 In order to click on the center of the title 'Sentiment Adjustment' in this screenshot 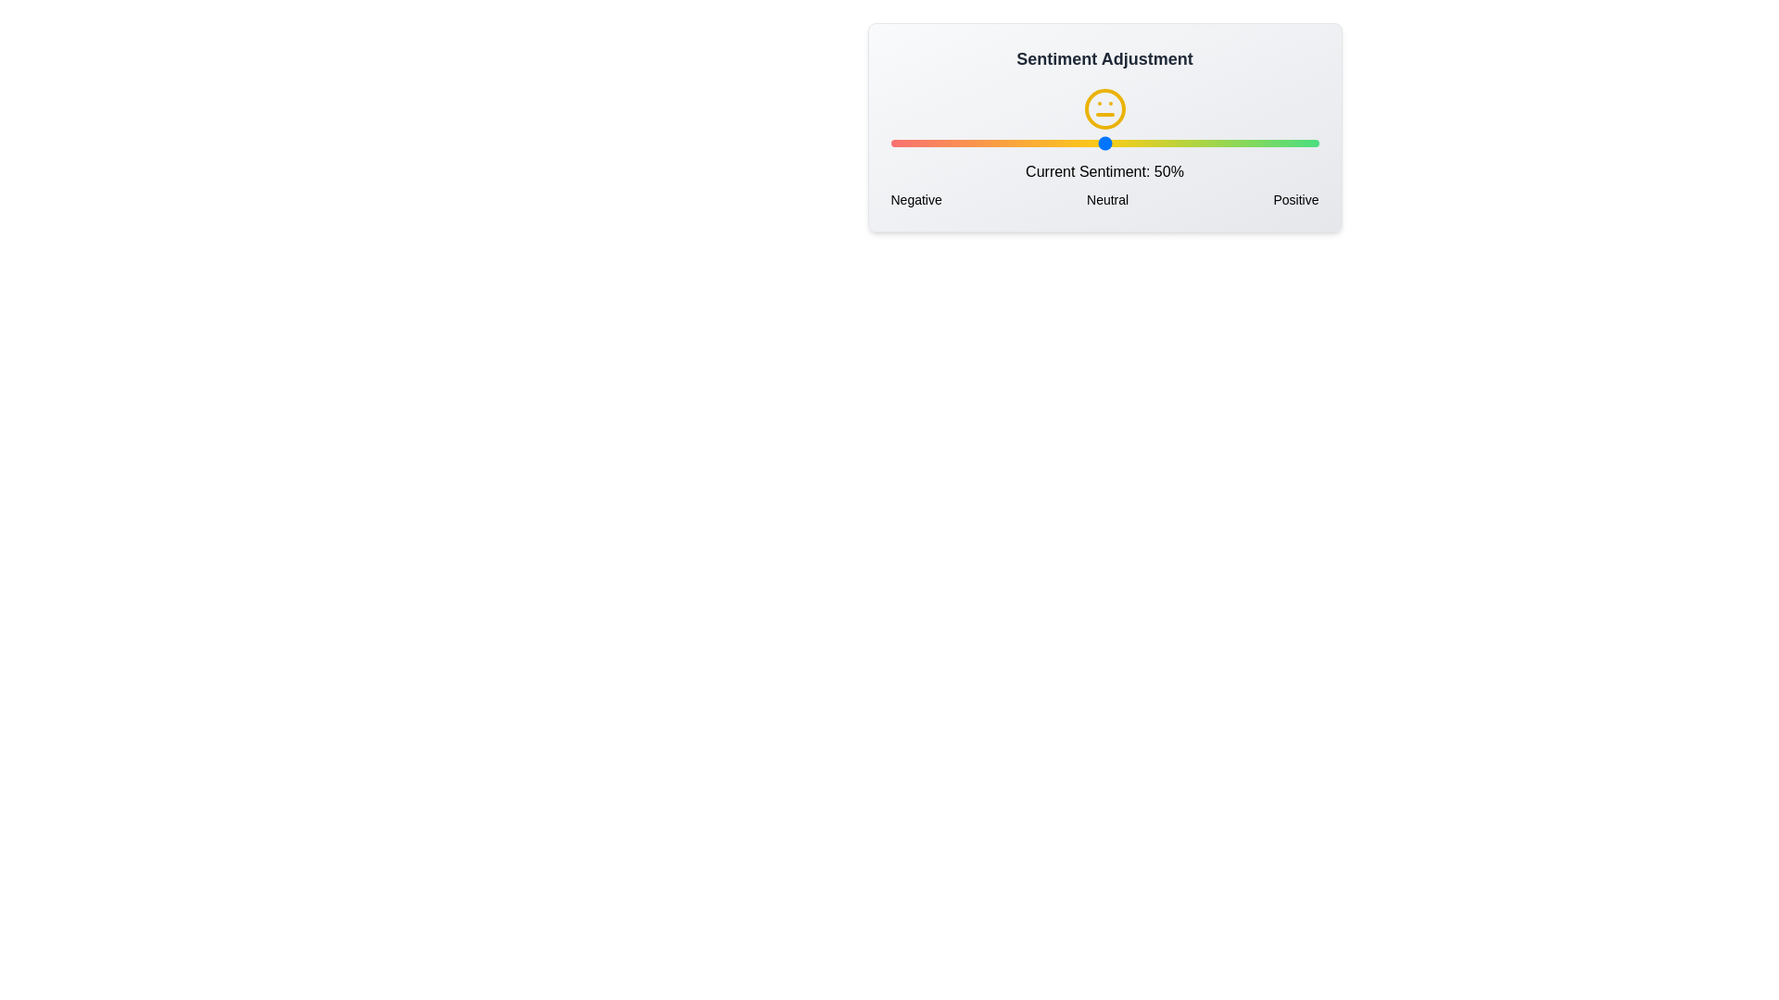, I will do `click(1104, 58)`.